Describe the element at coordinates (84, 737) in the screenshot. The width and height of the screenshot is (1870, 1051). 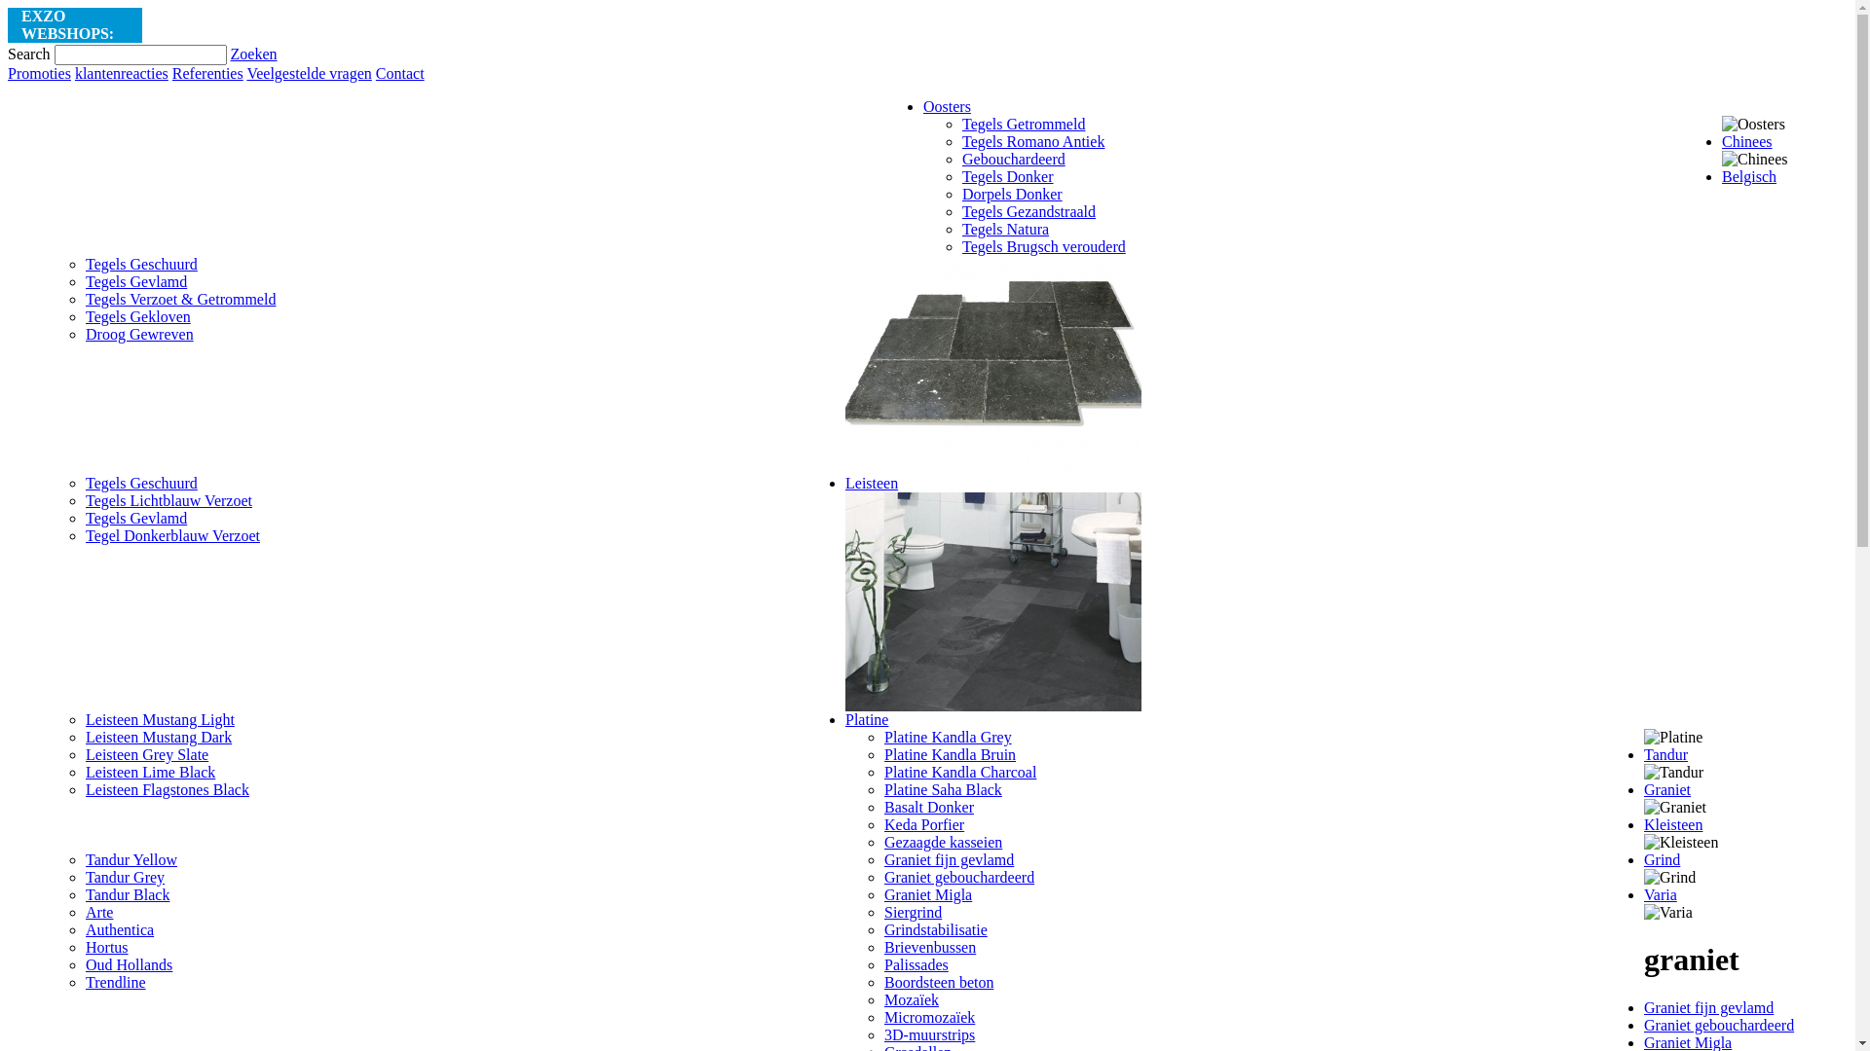
I see `'Leisteen Mustang Dark'` at that location.